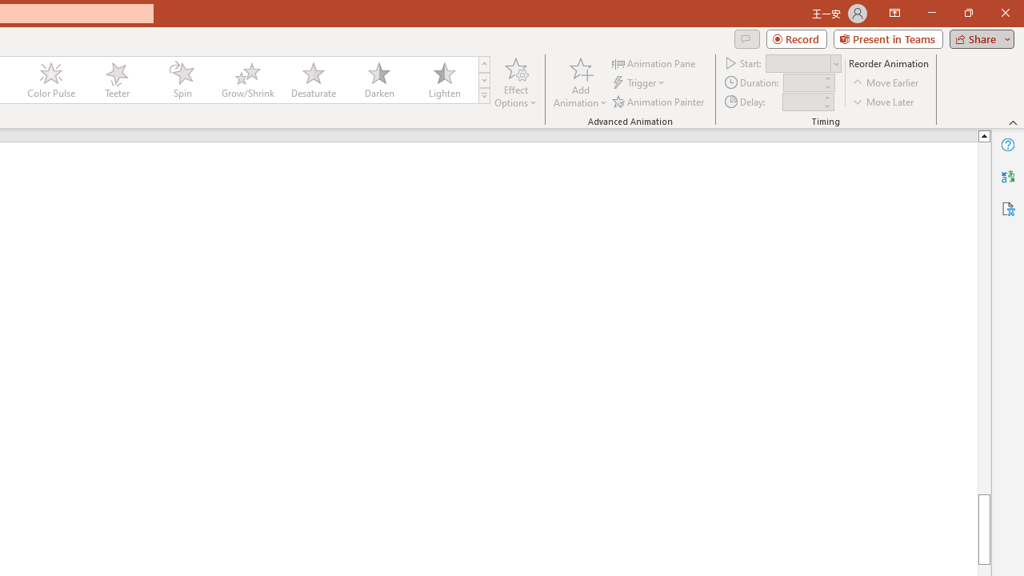  What do you see at coordinates (516, 82) in the screenshot?
I see `'Effect Options'` at bounding box center [516, 82].